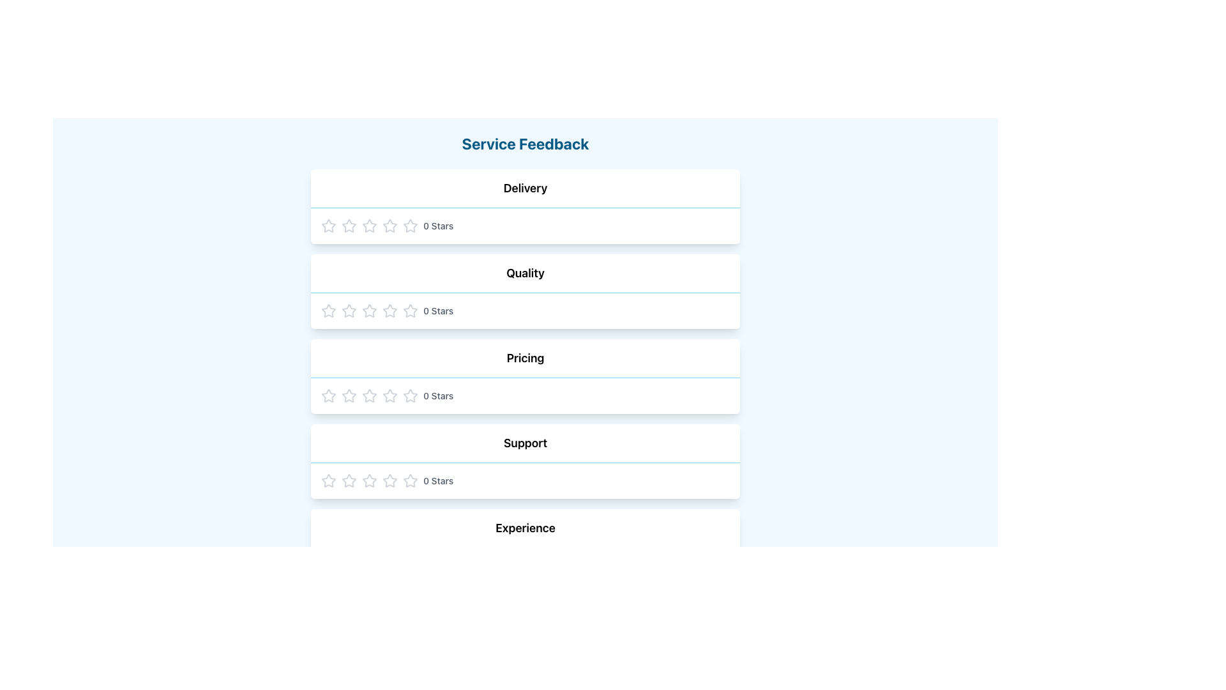 The image size is (1226, 690). Describe the element at coordinates (369, 310) in the screenshot. I see `the fifth star icon in the 'Quality' feedback section` at that location.